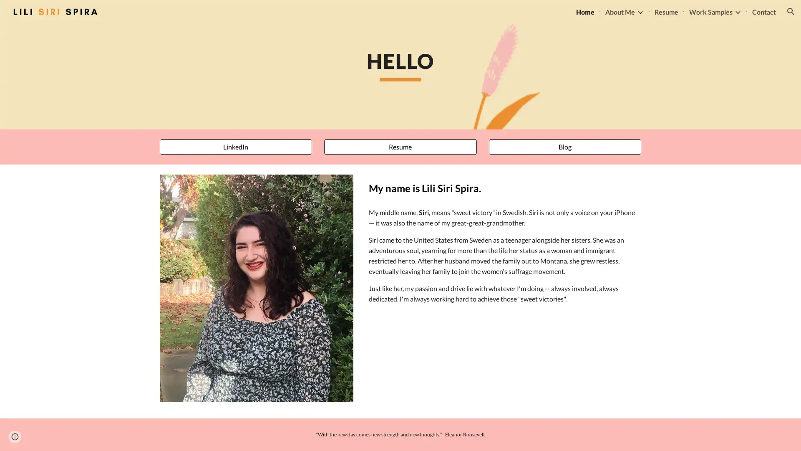  Describe the element at coordinates (40, 436) in the screenshot. I see `Google Sites` at that location.